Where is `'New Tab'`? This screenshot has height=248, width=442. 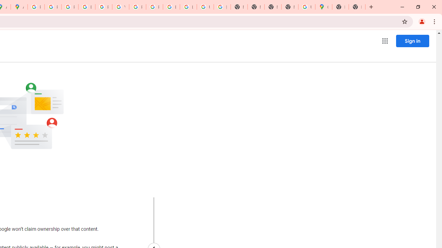
'New Tab' is located at coordinates (340, 7).